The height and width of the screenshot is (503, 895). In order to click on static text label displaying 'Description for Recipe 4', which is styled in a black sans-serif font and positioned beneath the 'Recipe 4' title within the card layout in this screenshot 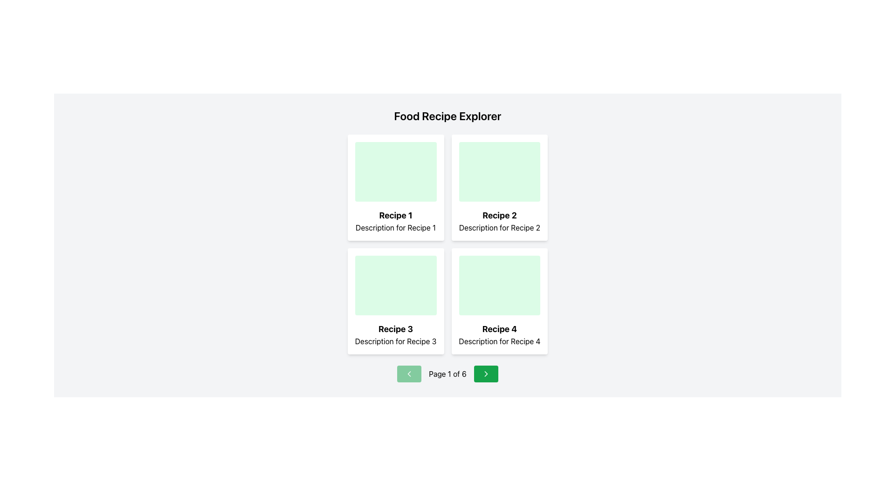, I will do `click(499, 341)`.